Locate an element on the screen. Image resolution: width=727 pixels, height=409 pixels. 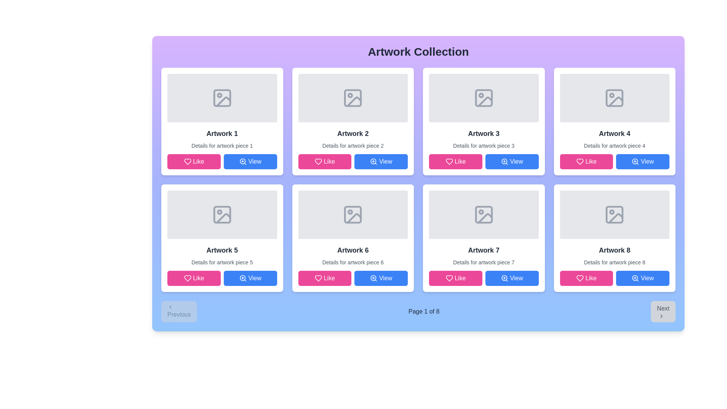
the gray image outline icon with a circular element and an intersecting line, located in the 'Artwork 8' card in the bottom-right corner of the grid layout is located at coordinates (615, 215).